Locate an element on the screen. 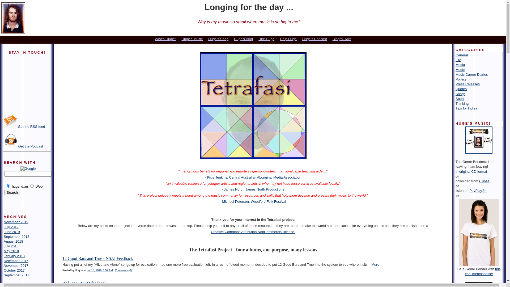 Image resolution: width=510 pixels, height=287 pixels. 'Tips for Indies' is located at coordinates (466, 108).